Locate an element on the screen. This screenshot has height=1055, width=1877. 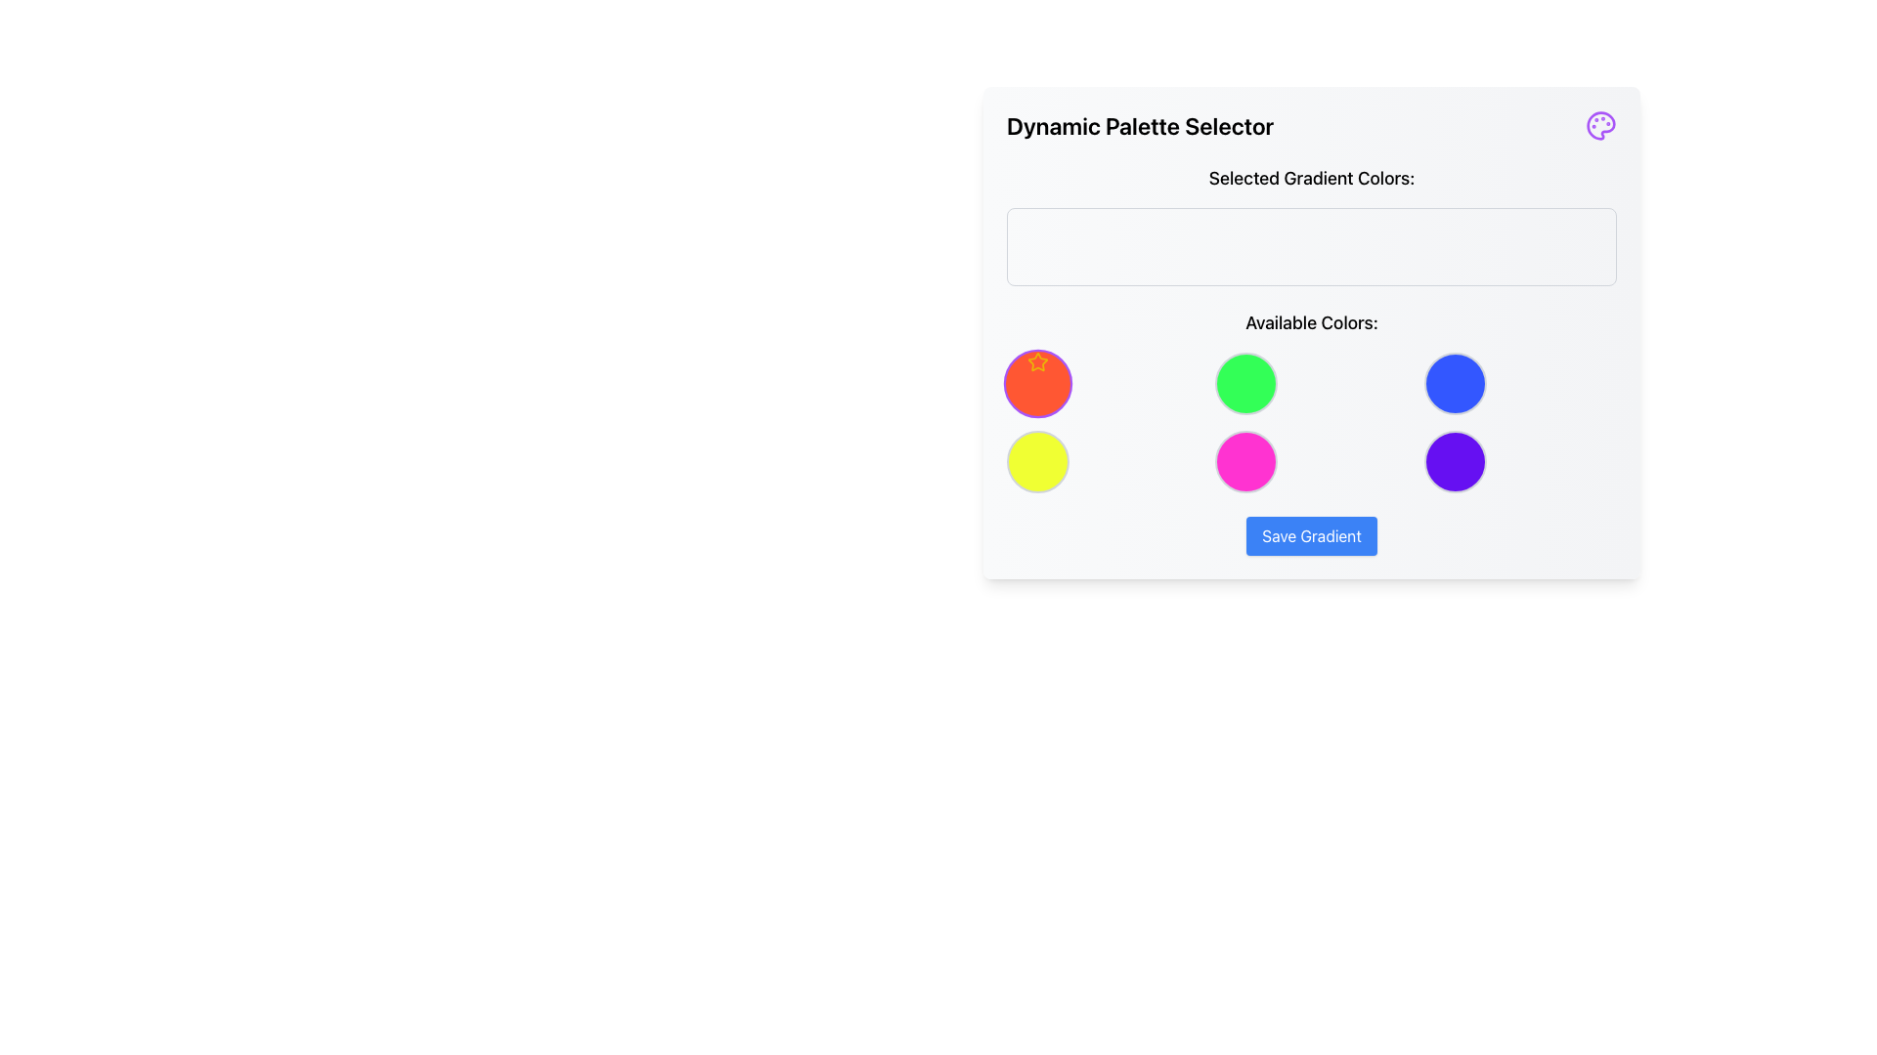
the 'Save Gradient' button, which is a rectangular button with rounded corners, blue background, and white text, located below the 'Available Colors:' text in the 'Dynamic Palette Selector' interface is located at coordinates (1312, 535).